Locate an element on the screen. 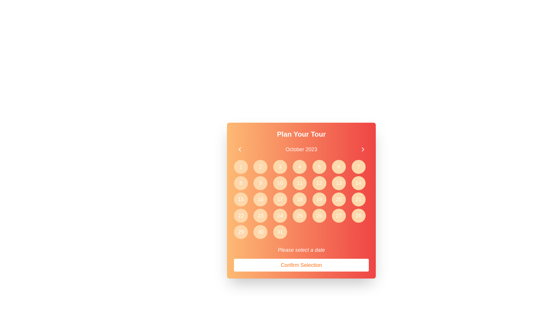 This screenshot has width=558, height=314. the confirmation button for the selected tour date to observe the color change is located at coordinates (301, 265).